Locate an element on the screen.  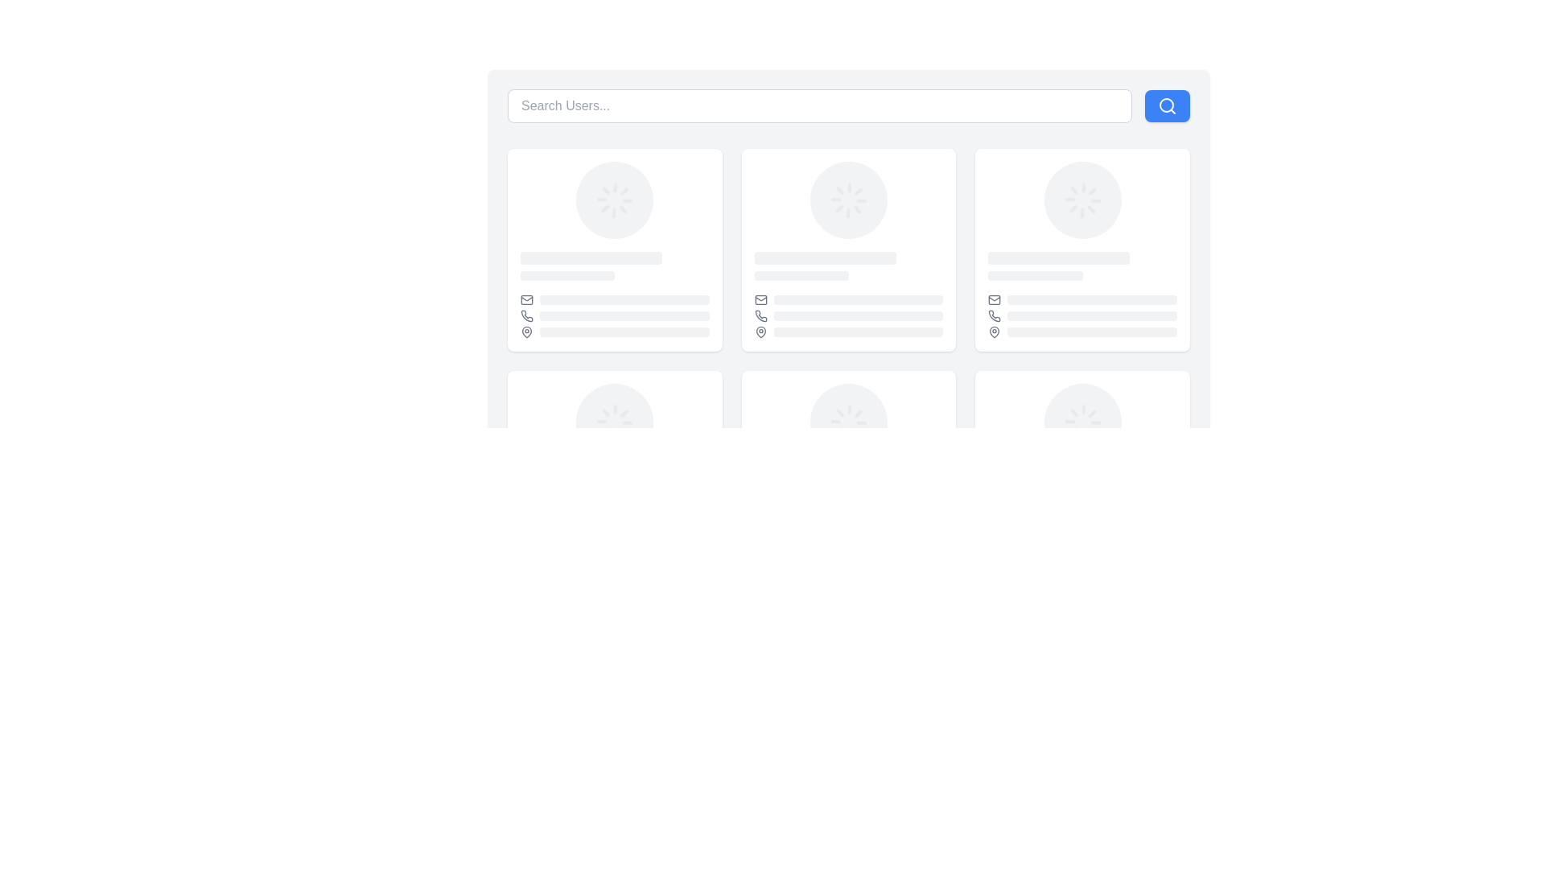
the circular loading spinner element in the center column of the lower row within the user cards grid layout is located at coordinates (848, 421).